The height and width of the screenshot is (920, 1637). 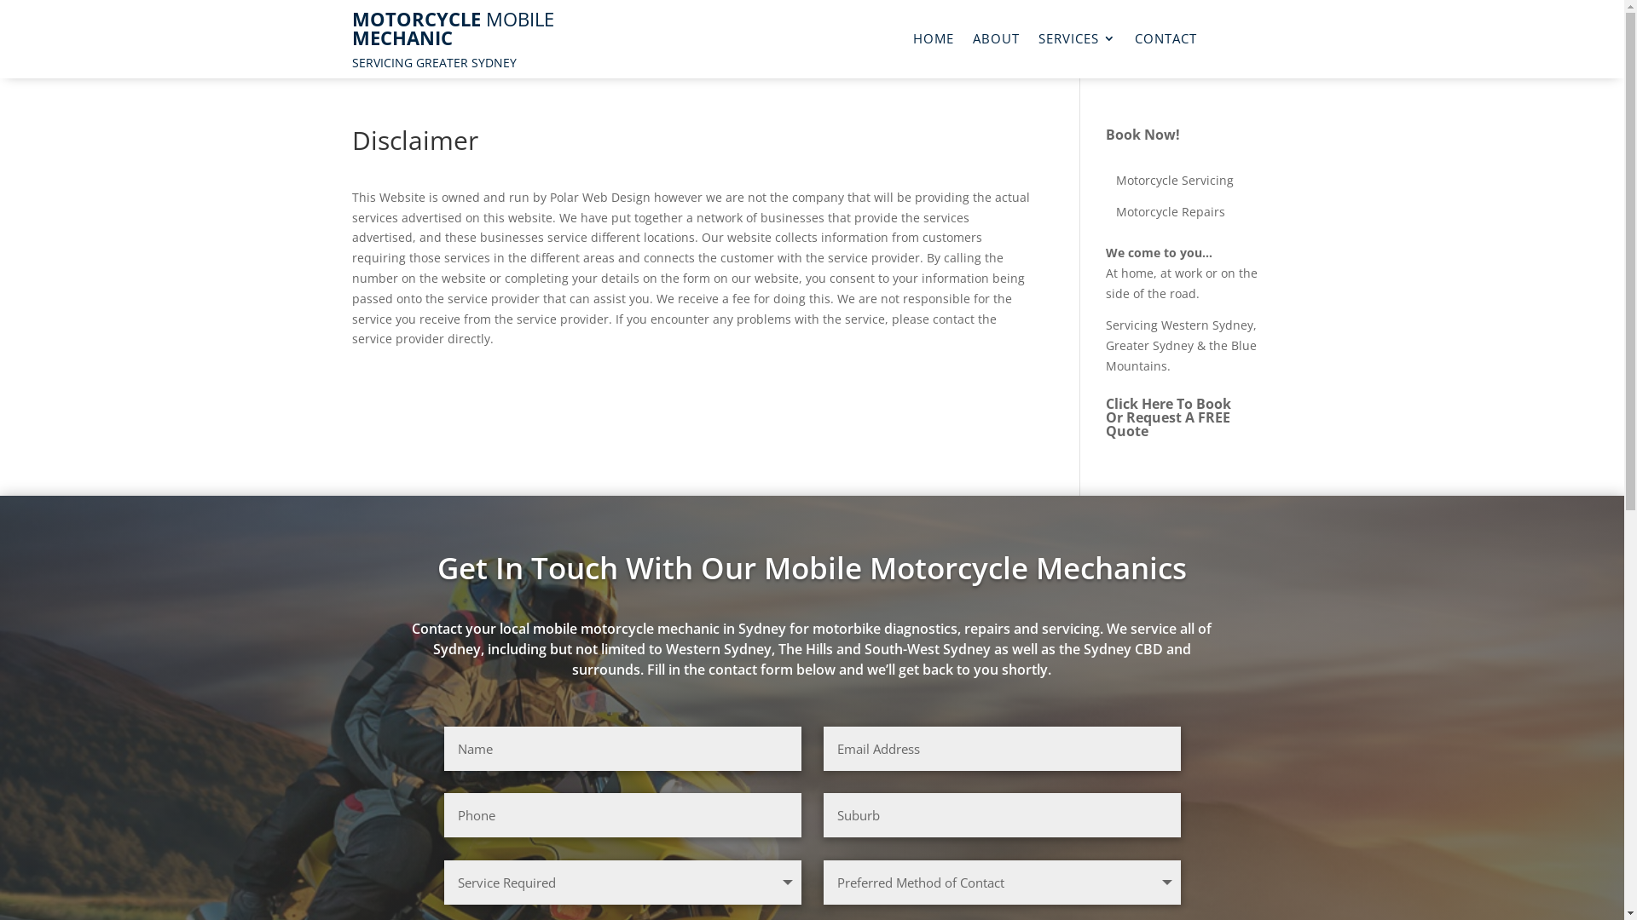 What do you see at coordinates (932, 41) in the screenshot?
I see `'HOME'` at bounding box center [932, 41].